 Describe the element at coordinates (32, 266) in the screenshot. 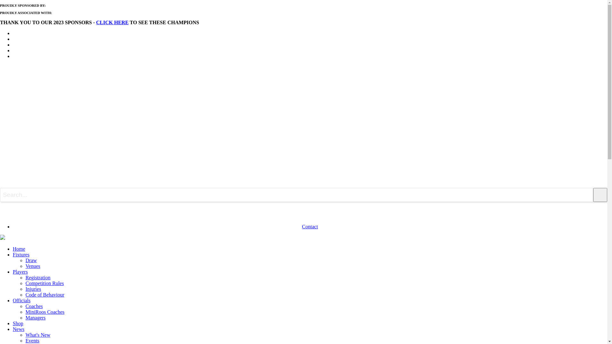

I see `'Venues'` at that location.